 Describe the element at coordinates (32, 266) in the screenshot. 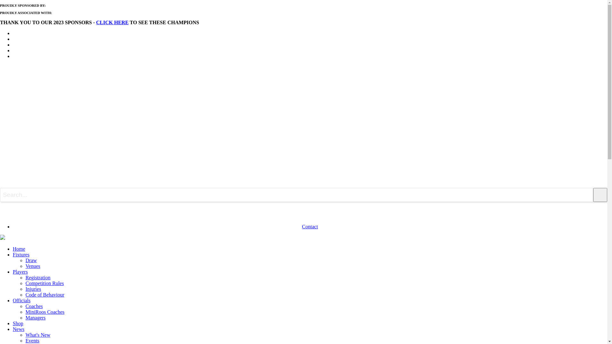

I see `'Venues'` at that location.